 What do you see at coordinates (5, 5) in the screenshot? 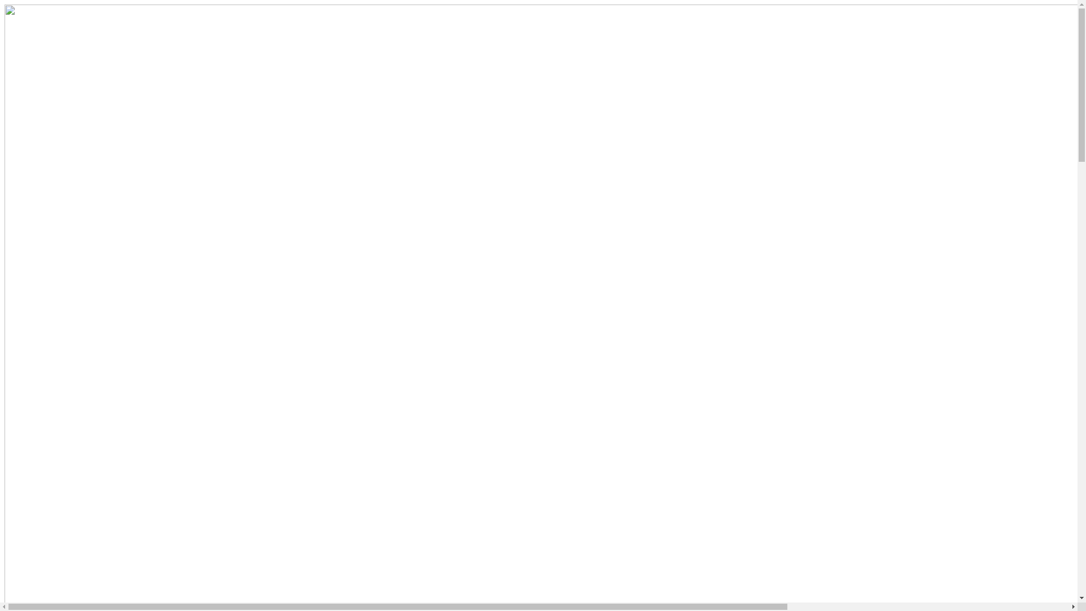
I see `'Skip to content'` at bounding box center [5, 5].